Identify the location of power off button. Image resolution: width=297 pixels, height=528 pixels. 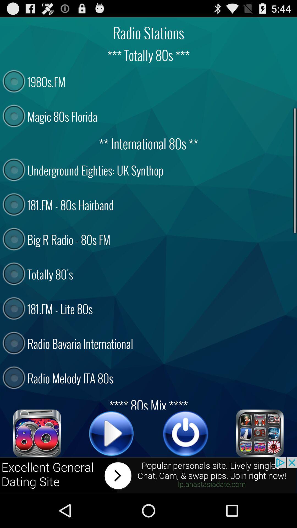
(186, 433).